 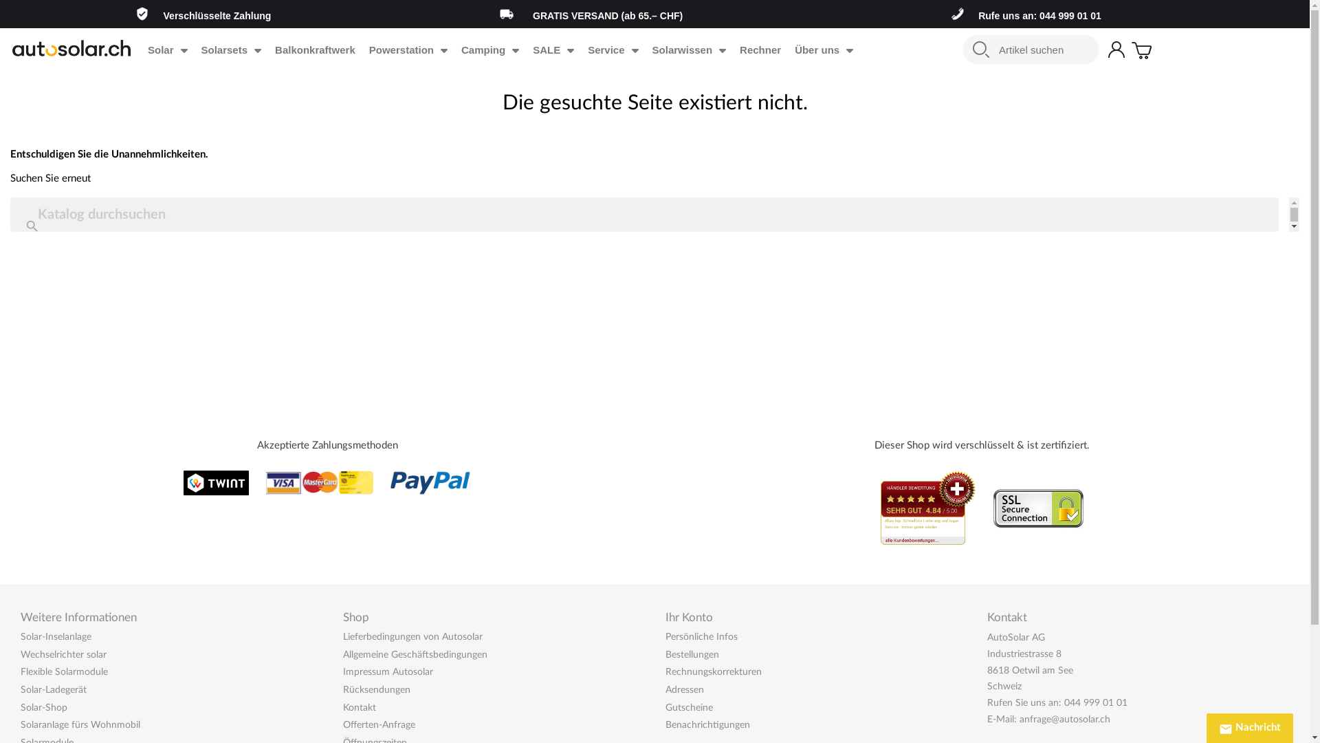 I want to click on 'Service', so click(x=612, y=50).